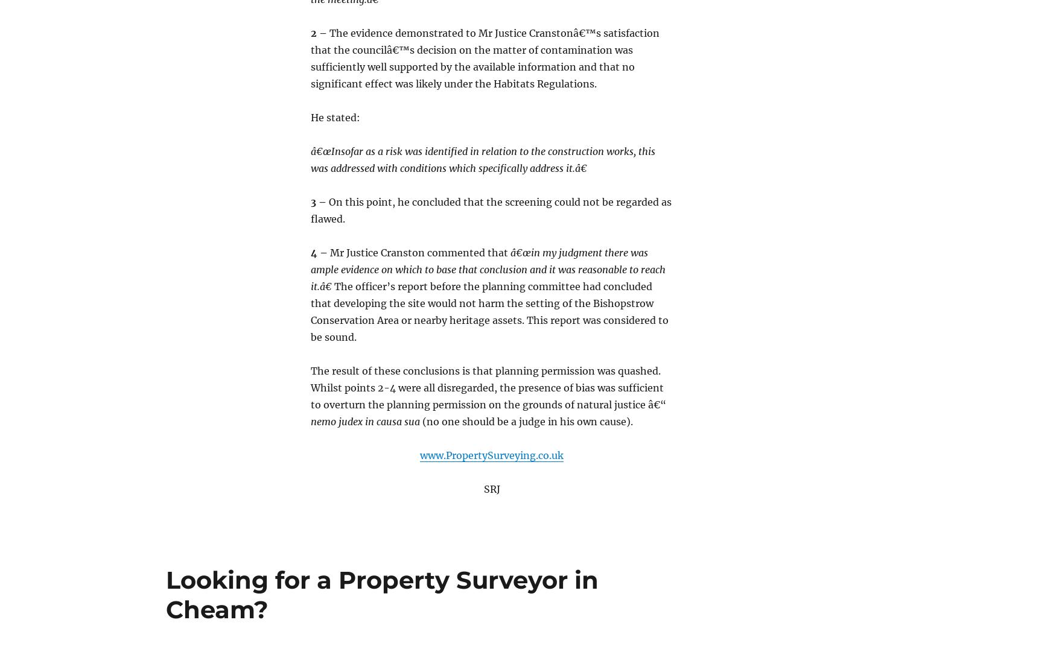 The image size is (1056, 646). I want to click on 'nemo judex in causa sua', so click(365, 420).